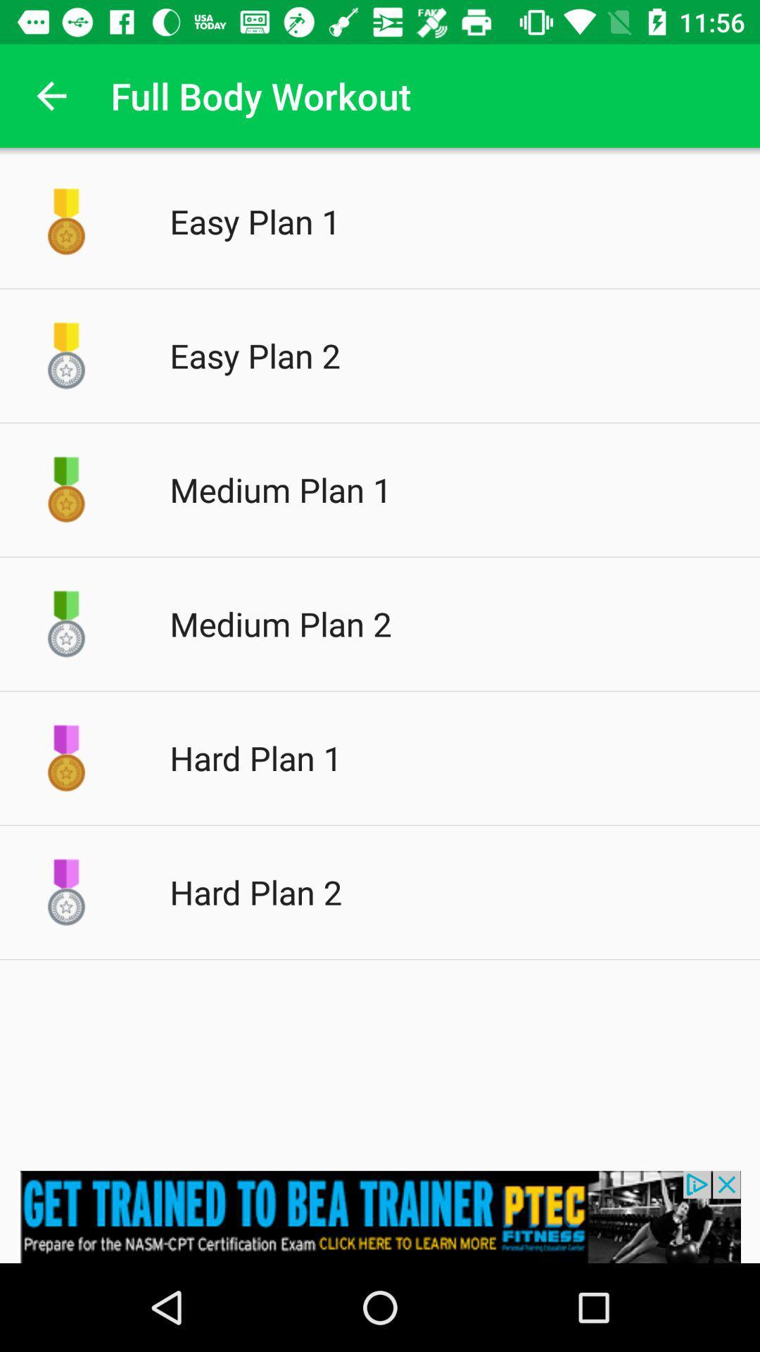 This screenshot has width=760, height=1352. What do you see at coordinates (66, 891) in the screenshot?
I see `icon on the left side of hard plan 2` at bounding box center [66, 891].